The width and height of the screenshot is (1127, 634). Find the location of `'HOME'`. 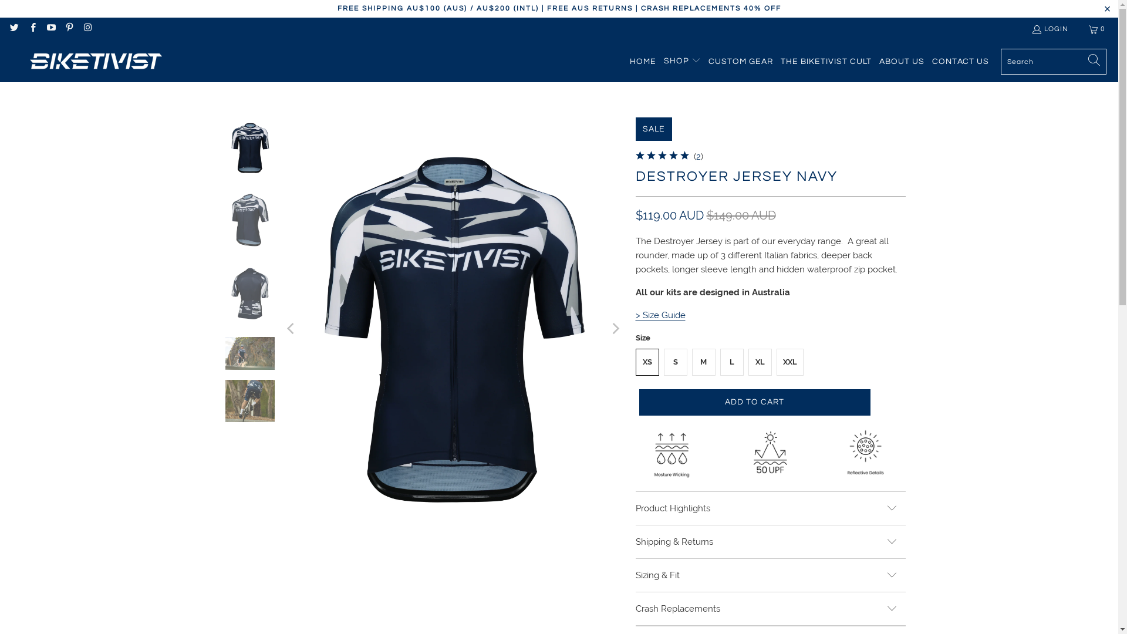

'HOME' is located at coordinates (642, 61).